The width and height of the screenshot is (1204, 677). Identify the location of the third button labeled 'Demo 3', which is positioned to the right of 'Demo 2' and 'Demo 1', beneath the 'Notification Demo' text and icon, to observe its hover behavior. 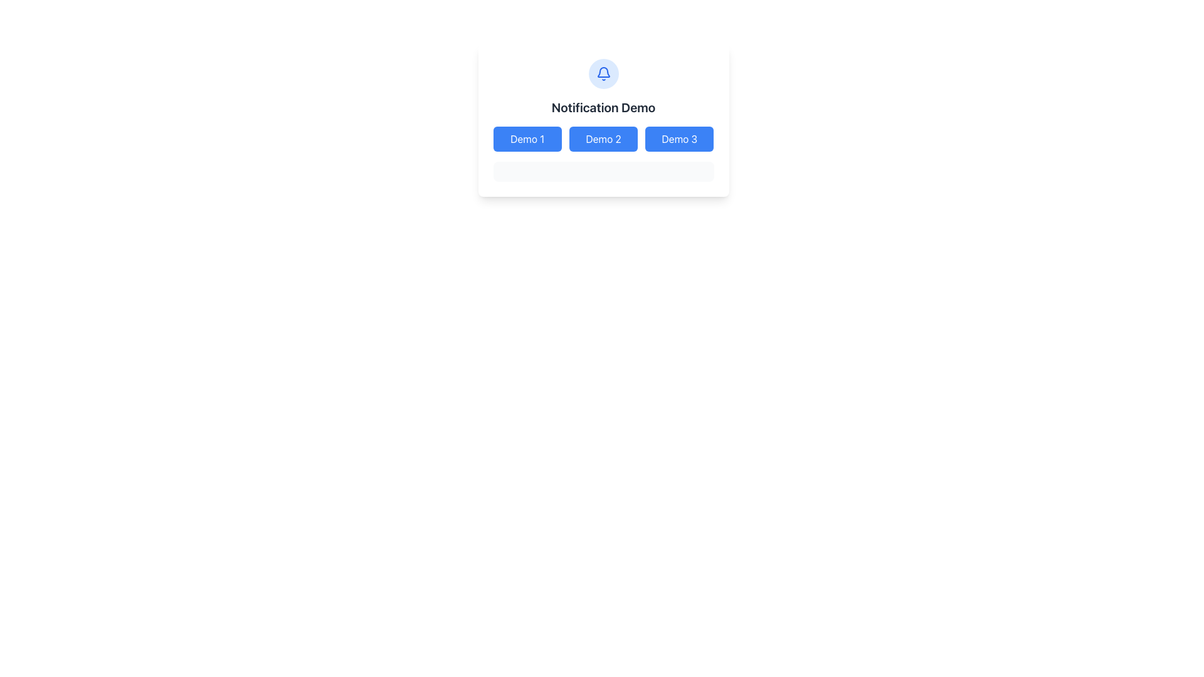
(679, 139).